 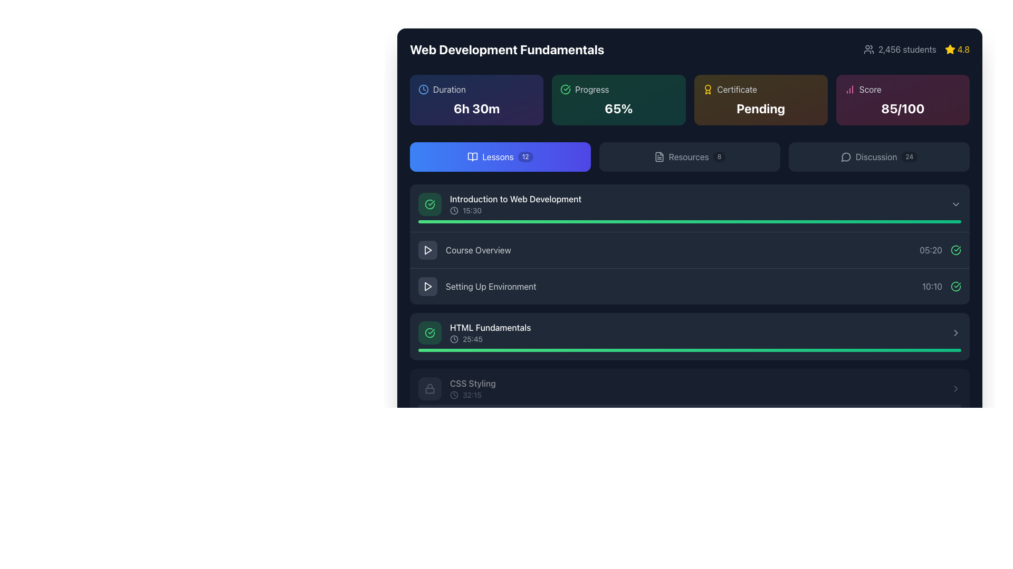 What do you see at coordinates (849, 89) in the screenshot?
I see `the pink increasing bar chart icon located next to the 'Score' text in the top right section of the interface` at bounding box center [849, 89].